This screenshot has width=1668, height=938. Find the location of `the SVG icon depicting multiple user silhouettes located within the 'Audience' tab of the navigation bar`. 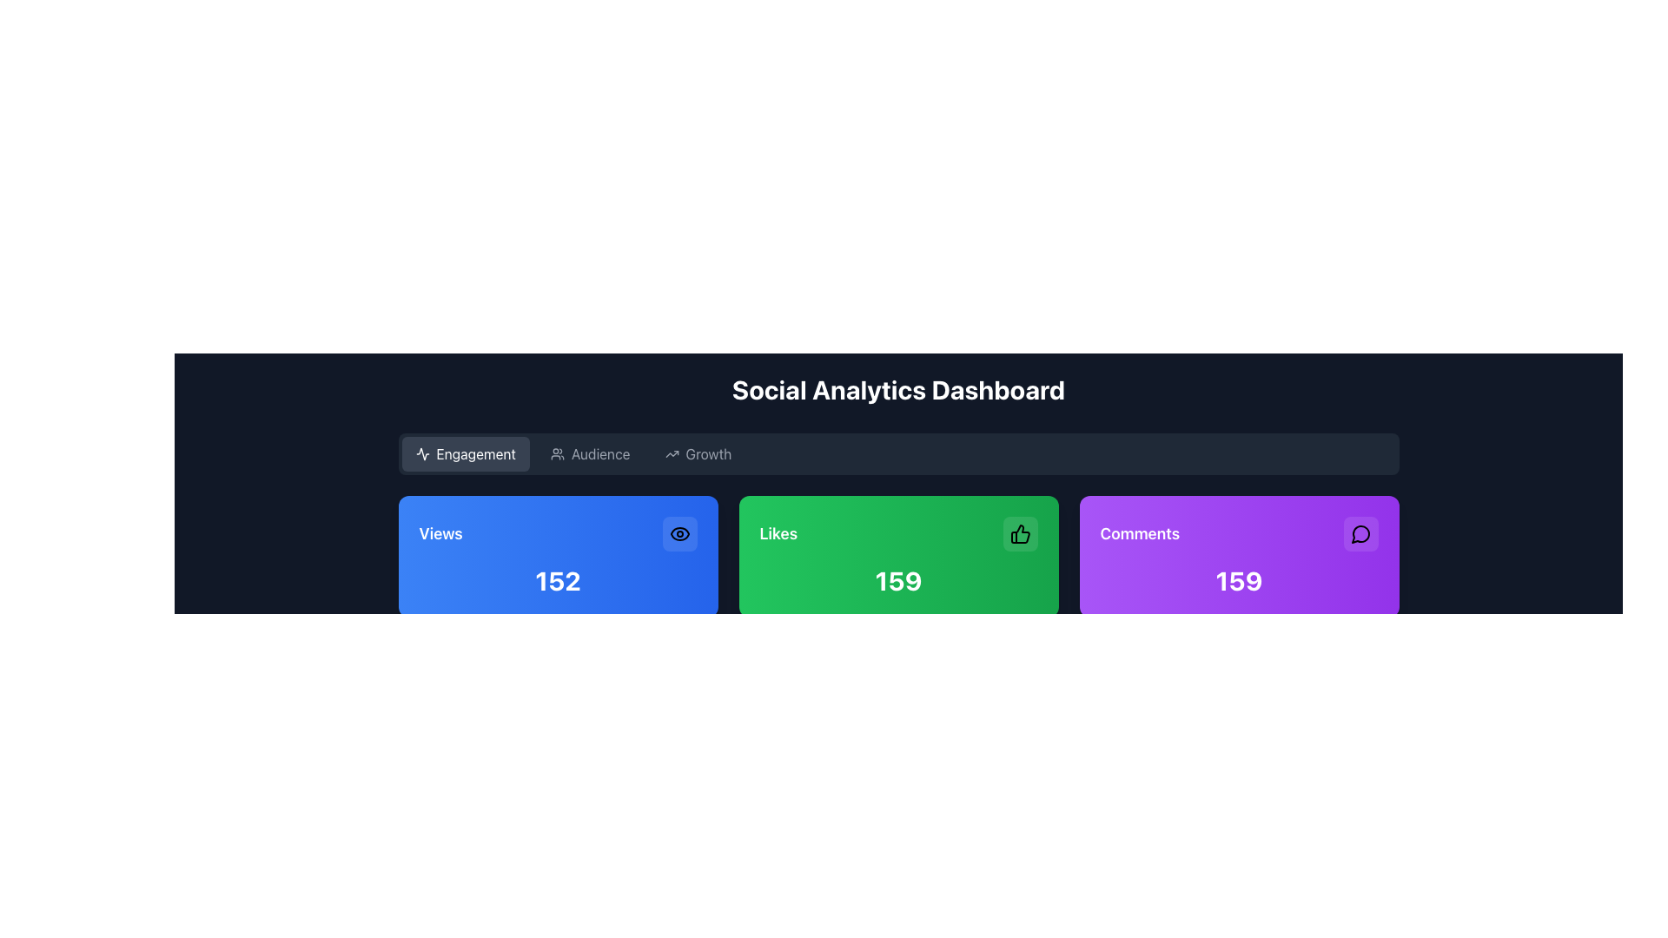

the SVG icon depicting multiple user silhouettes located within the 'Audience' tab of the navigation bar is located at coordinates (557, 453).